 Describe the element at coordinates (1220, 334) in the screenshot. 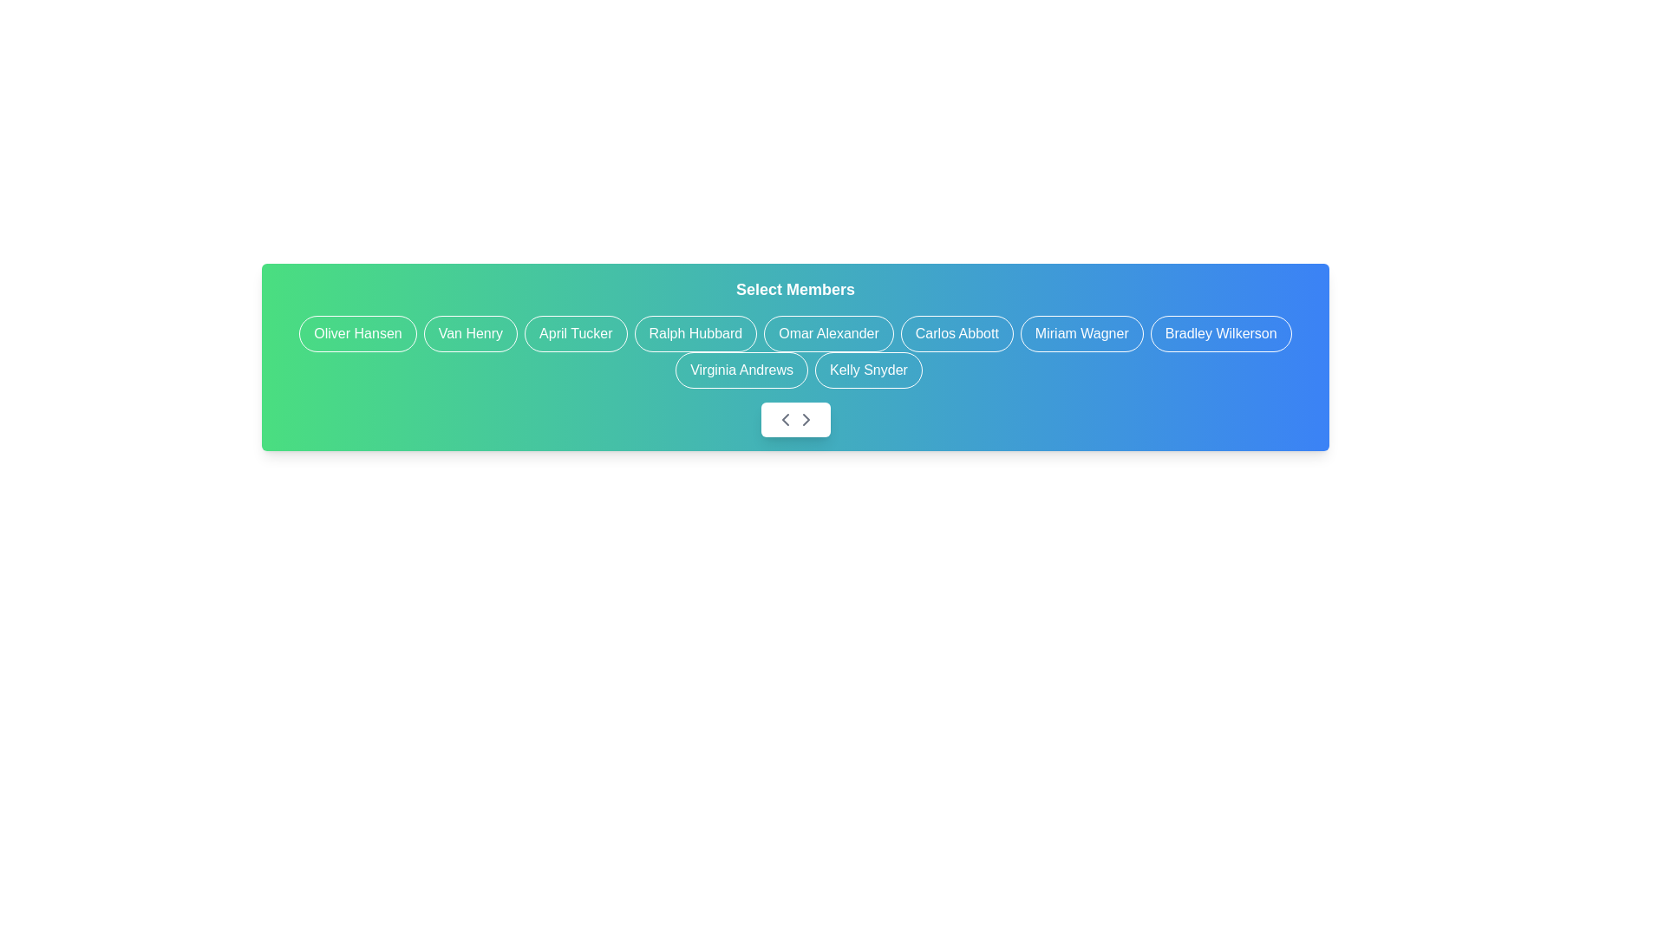

I see `the pill-shaped button labeled 'Bradley Wilkerson'` at that location.